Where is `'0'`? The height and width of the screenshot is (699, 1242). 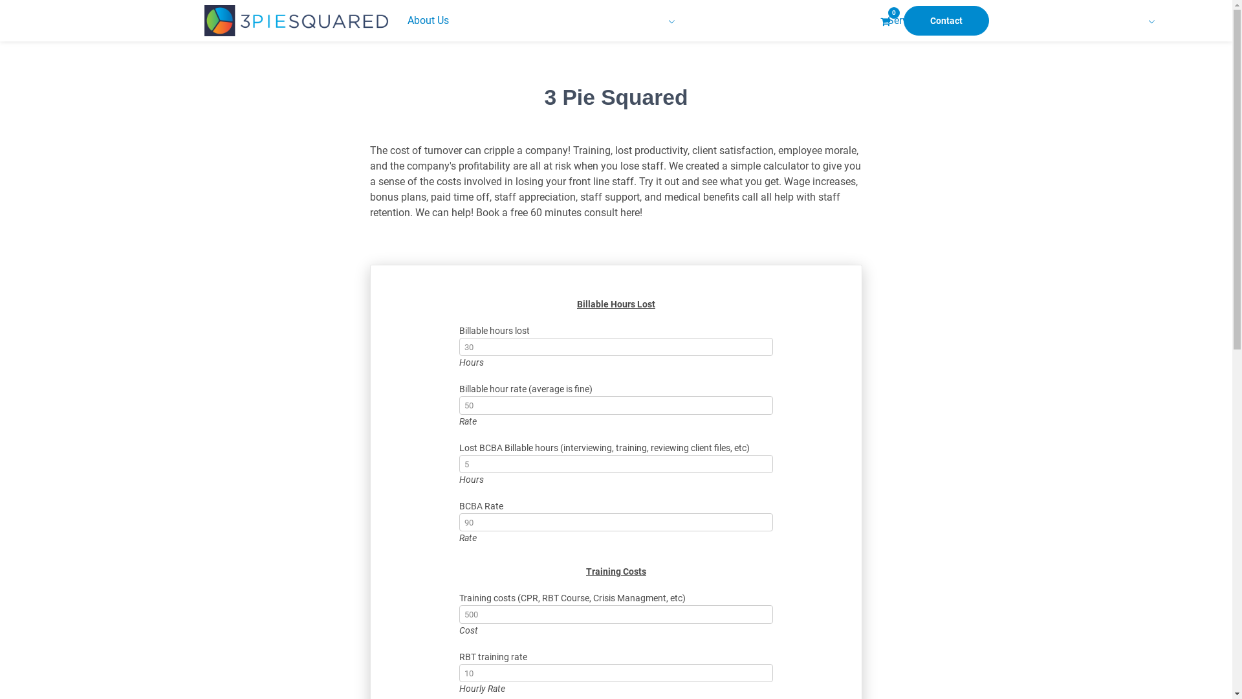 '0' is located at coordinates (884, 20).